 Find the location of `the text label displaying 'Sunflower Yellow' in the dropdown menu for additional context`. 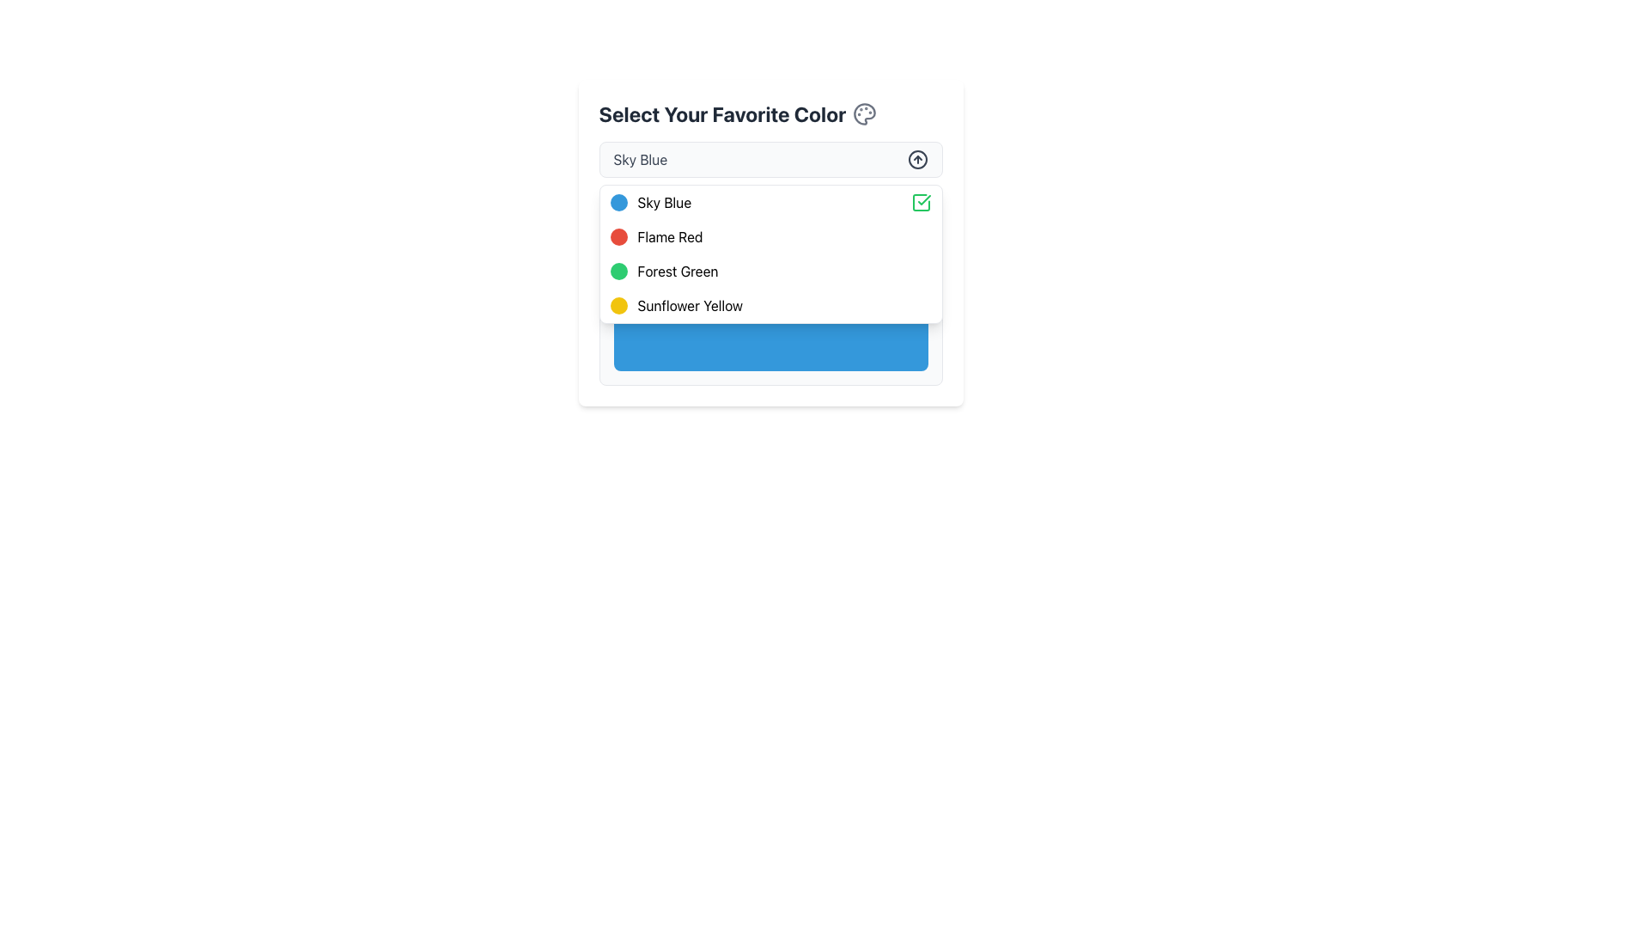

the text label displaying 'Sunflower Yellow' in the dropdown menu for additional context is located at coordinates (690, 304).